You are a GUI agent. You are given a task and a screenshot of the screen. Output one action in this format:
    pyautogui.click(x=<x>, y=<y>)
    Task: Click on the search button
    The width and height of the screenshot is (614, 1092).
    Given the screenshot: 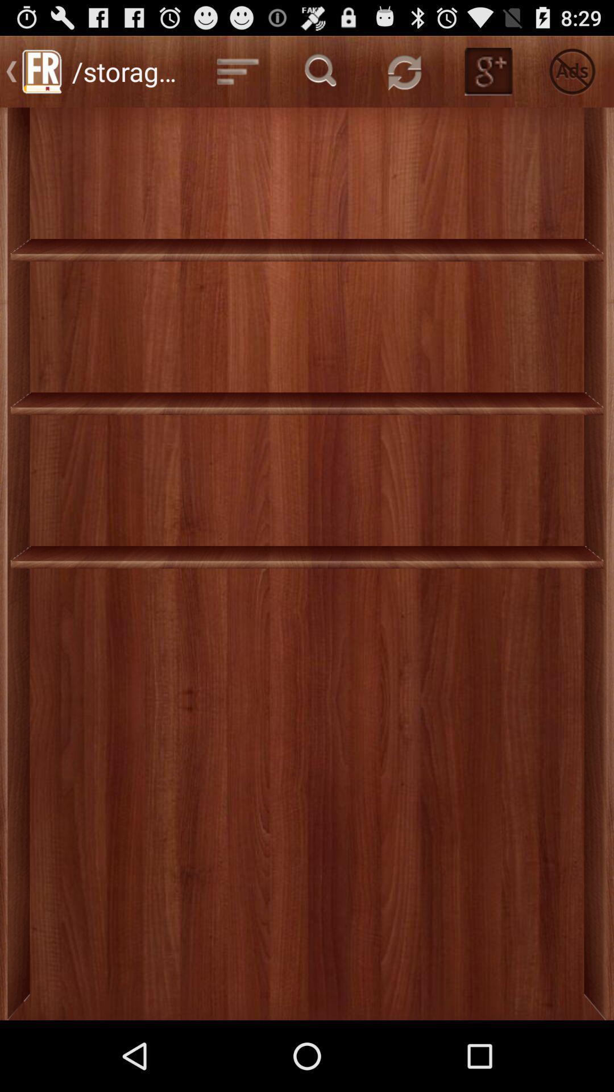 What is the action you would take?
    pyautogui.click(x=321, y=71)
    